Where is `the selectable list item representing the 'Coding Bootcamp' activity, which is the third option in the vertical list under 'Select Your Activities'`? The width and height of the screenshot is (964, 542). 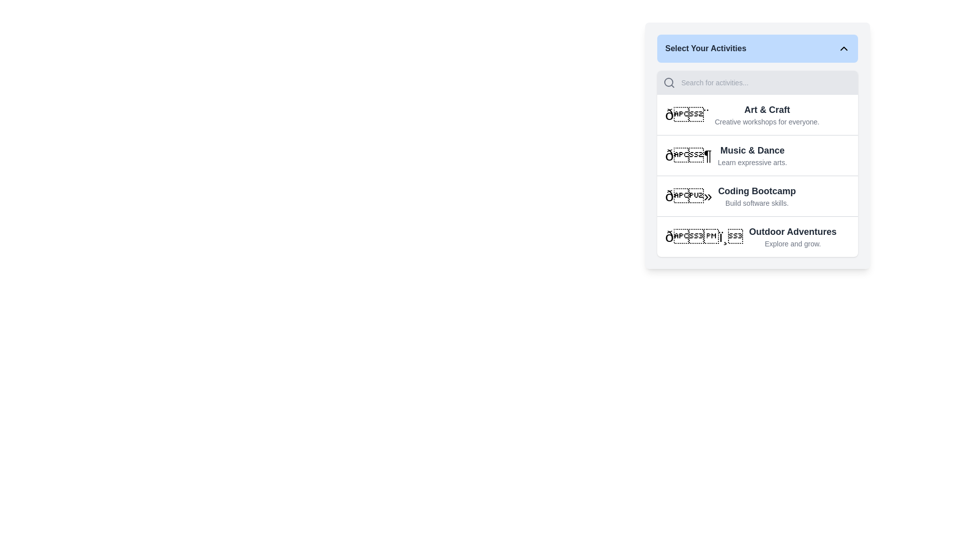 the selectable list item representing the 'Coding Bootcamp' activity, which is the third option in the vertical list under 'Select Your Activities' is located at coordinates (757, 195).